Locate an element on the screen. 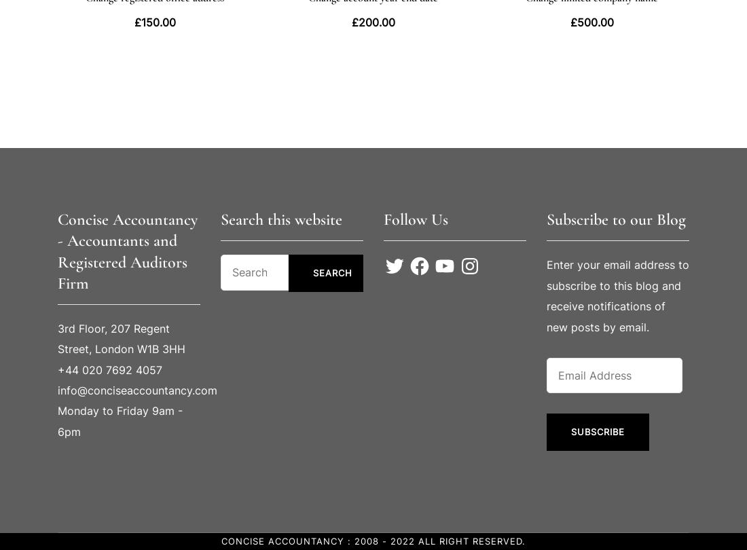 The image size is (747, 550). '150.00' is located at coordinates (158, 21).